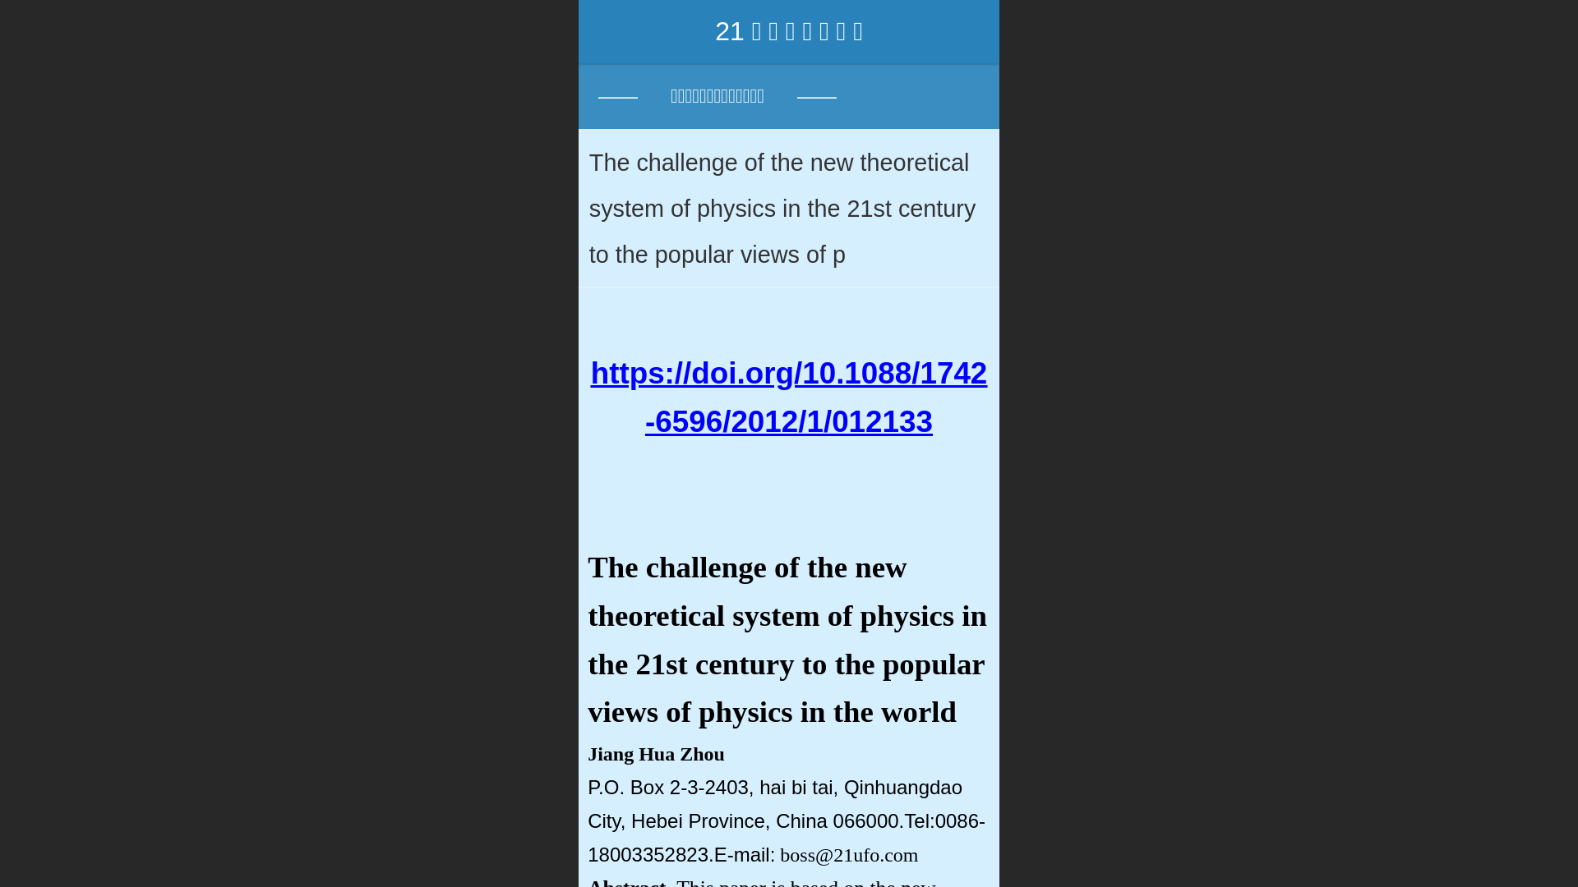  What do you see at coordinates (789, 397) in the screenshot?
I see `'https://doi.org/10.1088/1742-6596/2012/1/012133'` at bounding box center [789, 397].